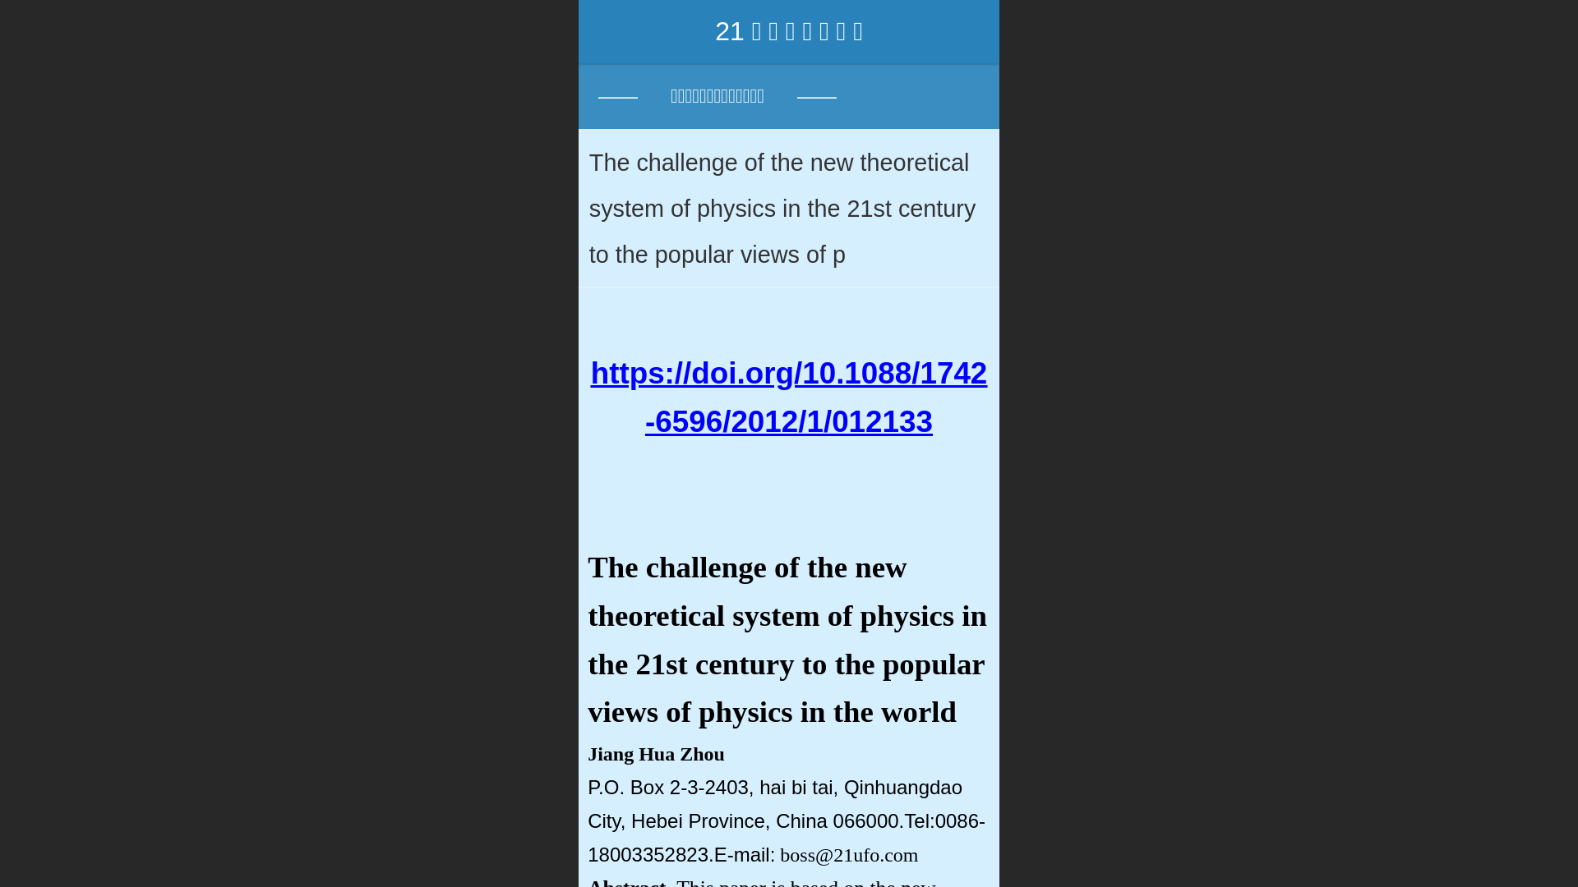  What do you see at coordinates (789, 397) in the screenshot?
I see `'https://doi.org/10.1088/1742-6596/2012/1/012133'` at bounding box center [789, 397].